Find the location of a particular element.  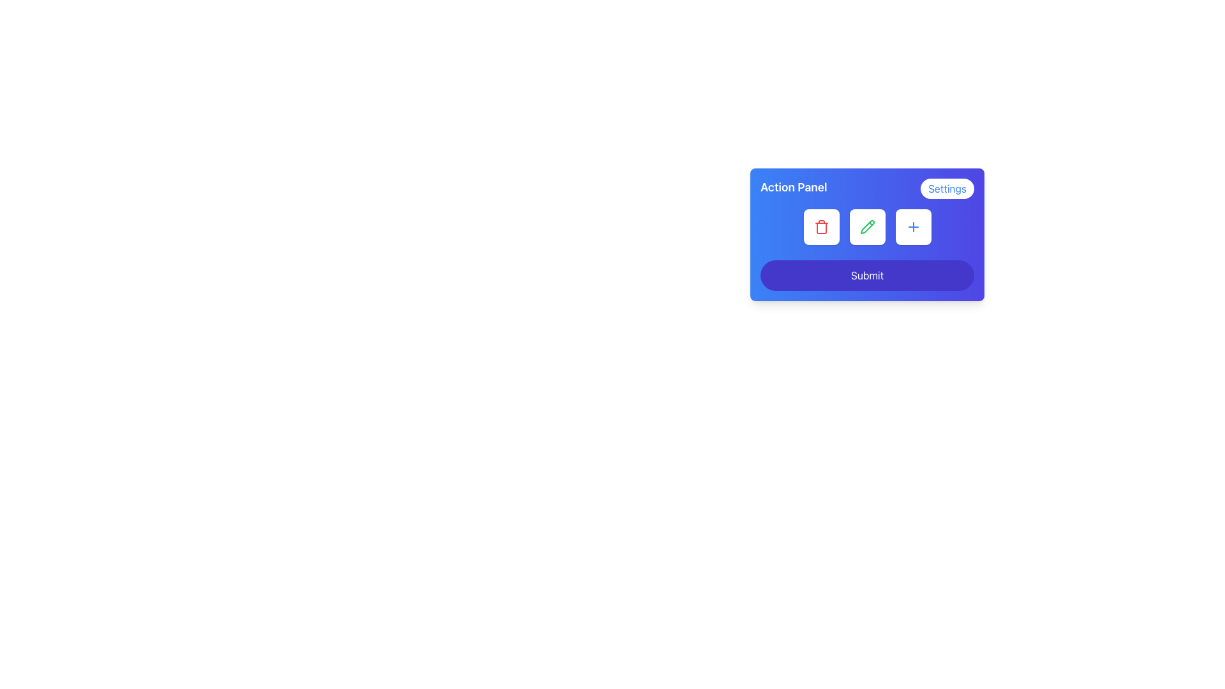

the square button with a white background and green pencil icon located in the 'Action Panel', which is the second button in a horizontal arrangement of three buttons is located at coordinates (867, 234).